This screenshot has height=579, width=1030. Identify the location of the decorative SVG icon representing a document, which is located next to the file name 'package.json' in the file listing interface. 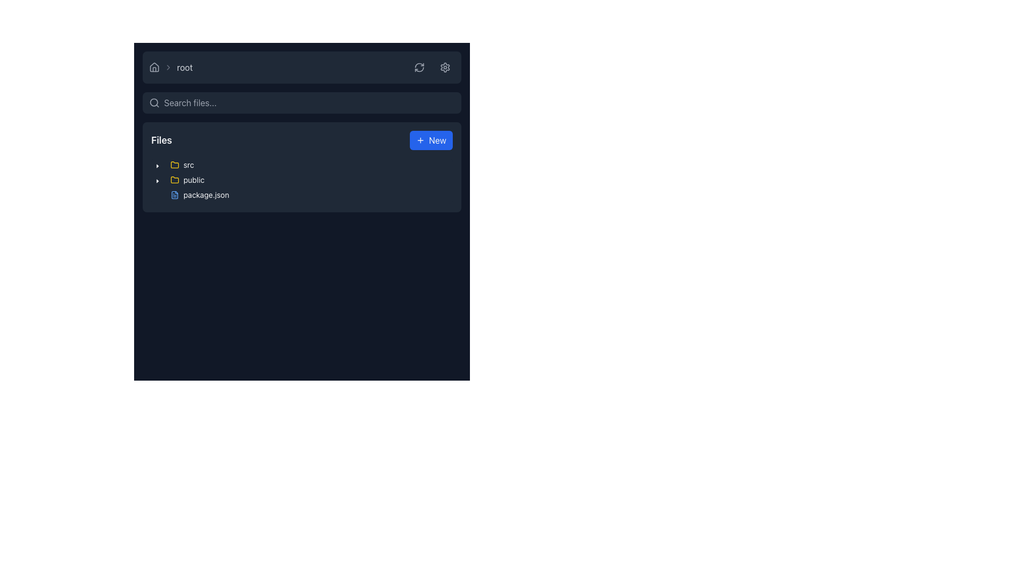
(175, 195).